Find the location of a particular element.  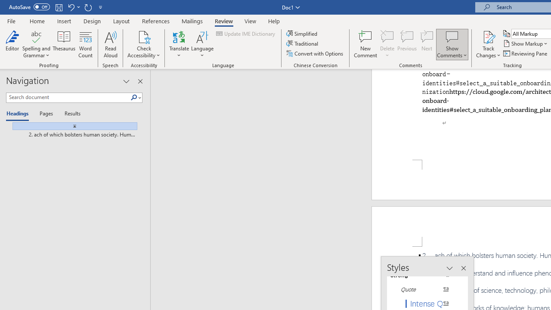

'Track Changes' is located at coordinates (488, 36).